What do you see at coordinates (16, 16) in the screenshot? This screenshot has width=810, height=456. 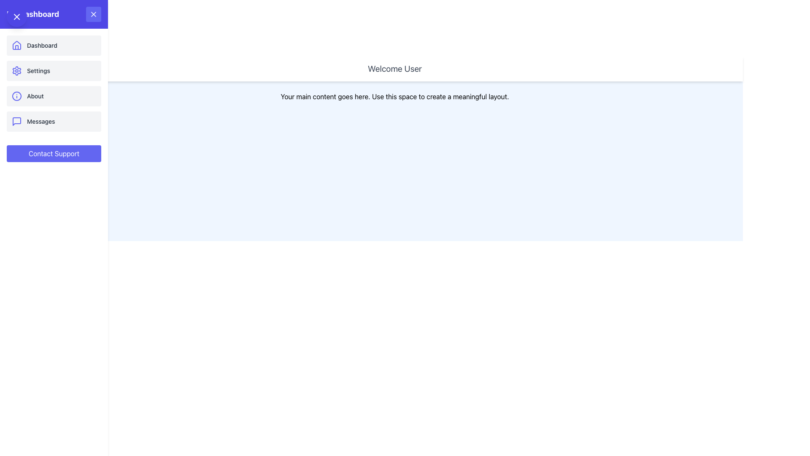 I see `the close icon represented by an 'X' shape in the top-left header bar` at bounding box center [16, 16].